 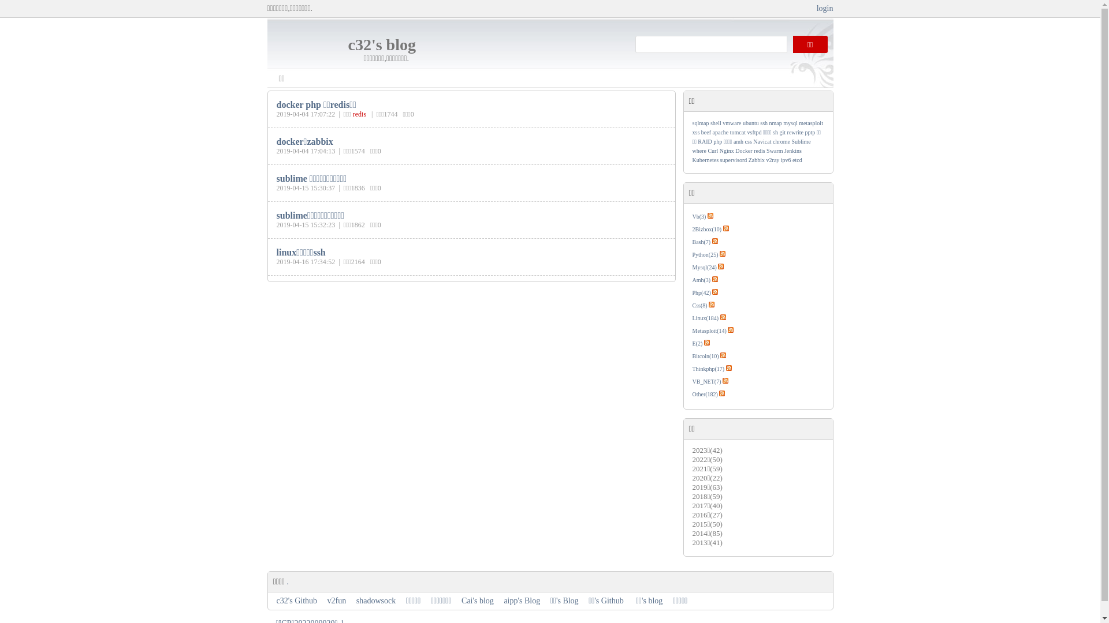 What do you see at coordinates (720, 132) in the screenshot?
I see `'apache'` at bounding box center [720, 132].